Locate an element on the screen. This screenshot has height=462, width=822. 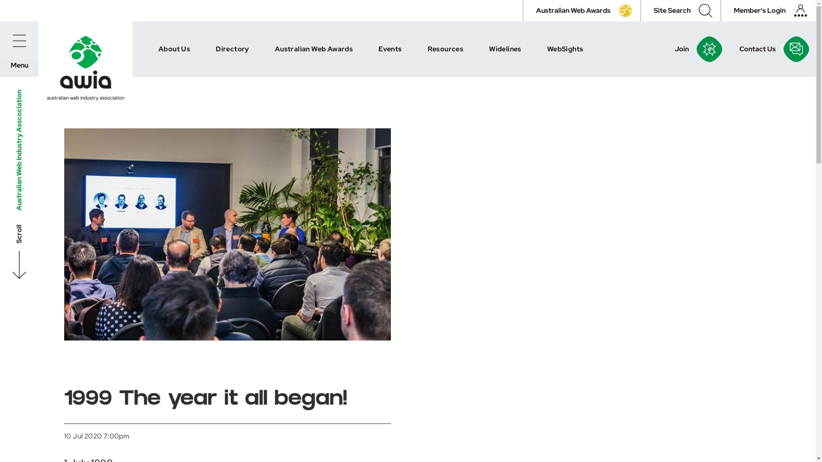
'WebSights' is located at coordinates (565, 49).